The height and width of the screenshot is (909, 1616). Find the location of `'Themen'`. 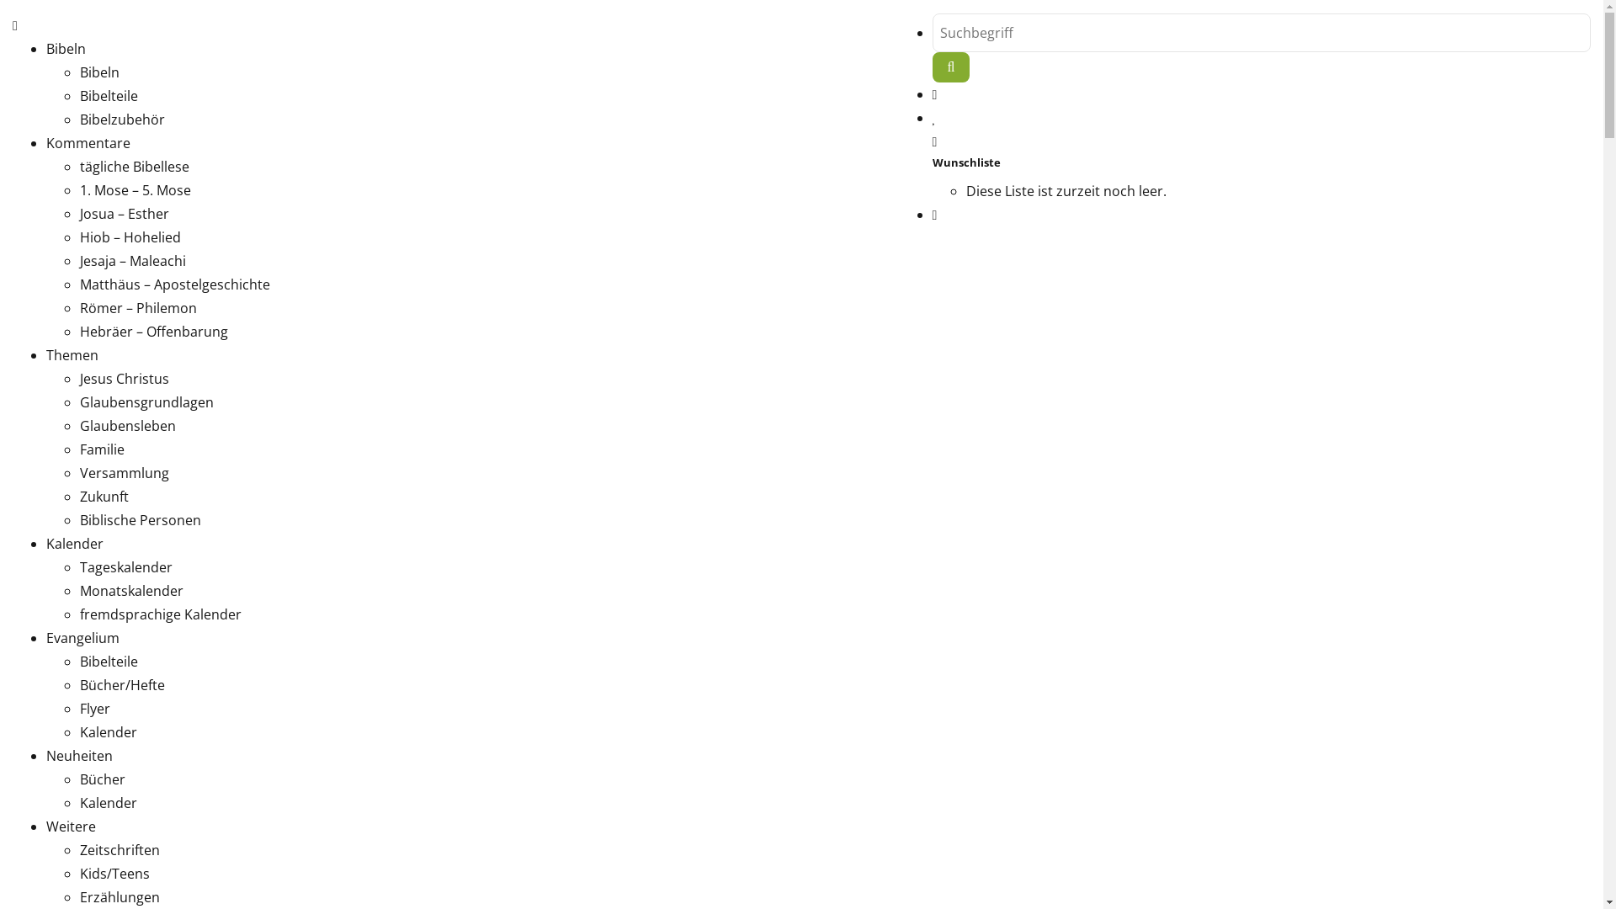

'Themen' is located at coordinates (72, 353).